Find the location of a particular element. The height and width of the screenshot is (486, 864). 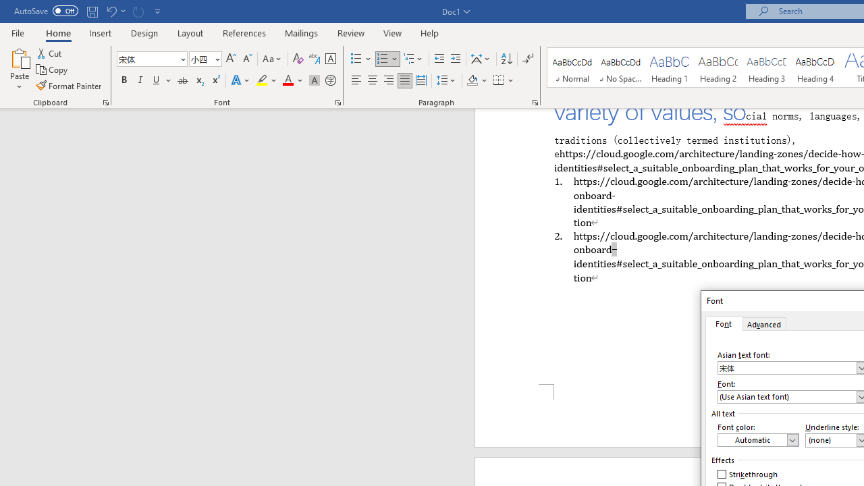

'Format Painter' is located at coordinates (69, 86).